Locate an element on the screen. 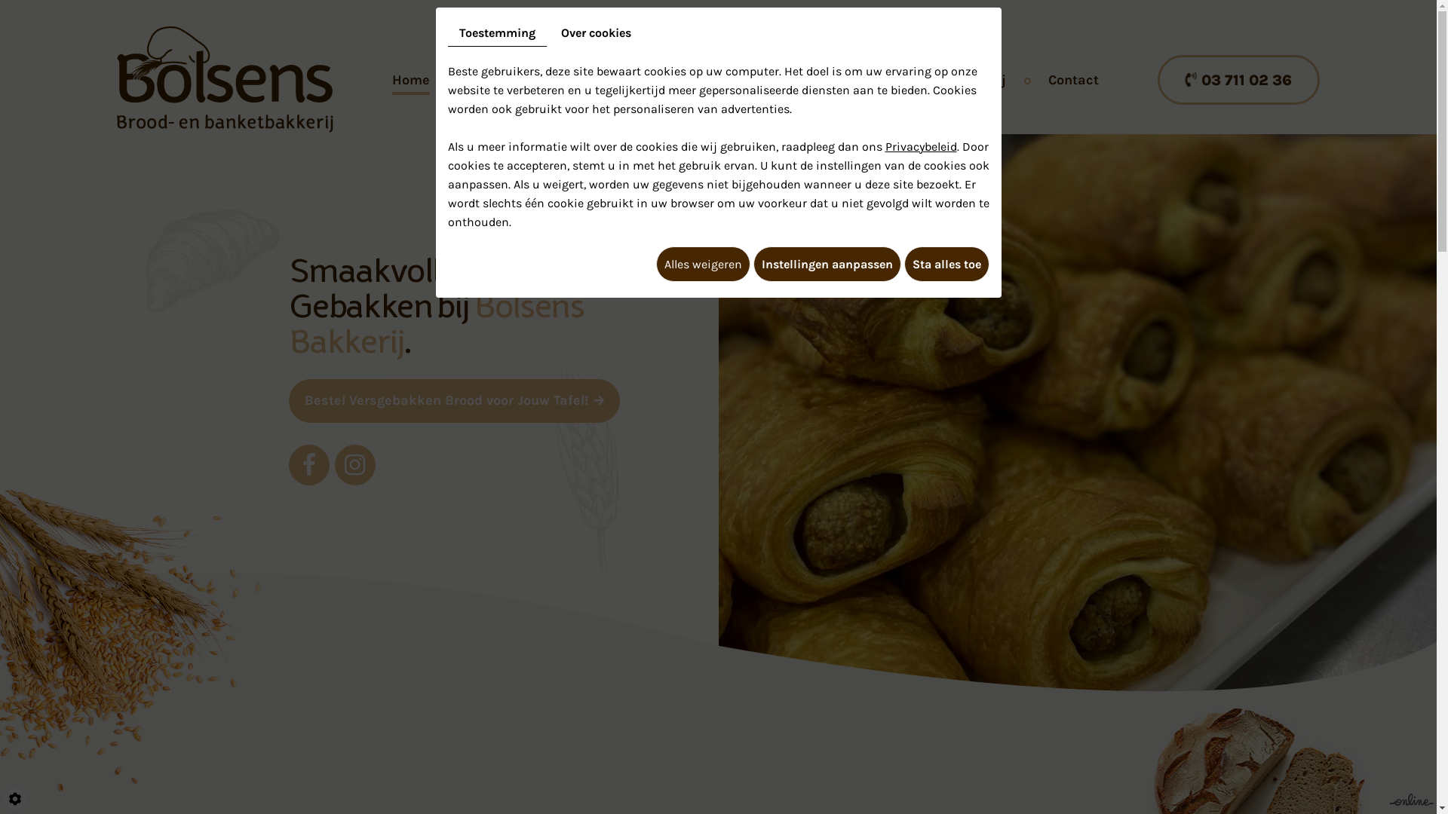  'Bestel Versgebakken Brood voor Jouw Tafel!' is located at coordinates (288, 400).